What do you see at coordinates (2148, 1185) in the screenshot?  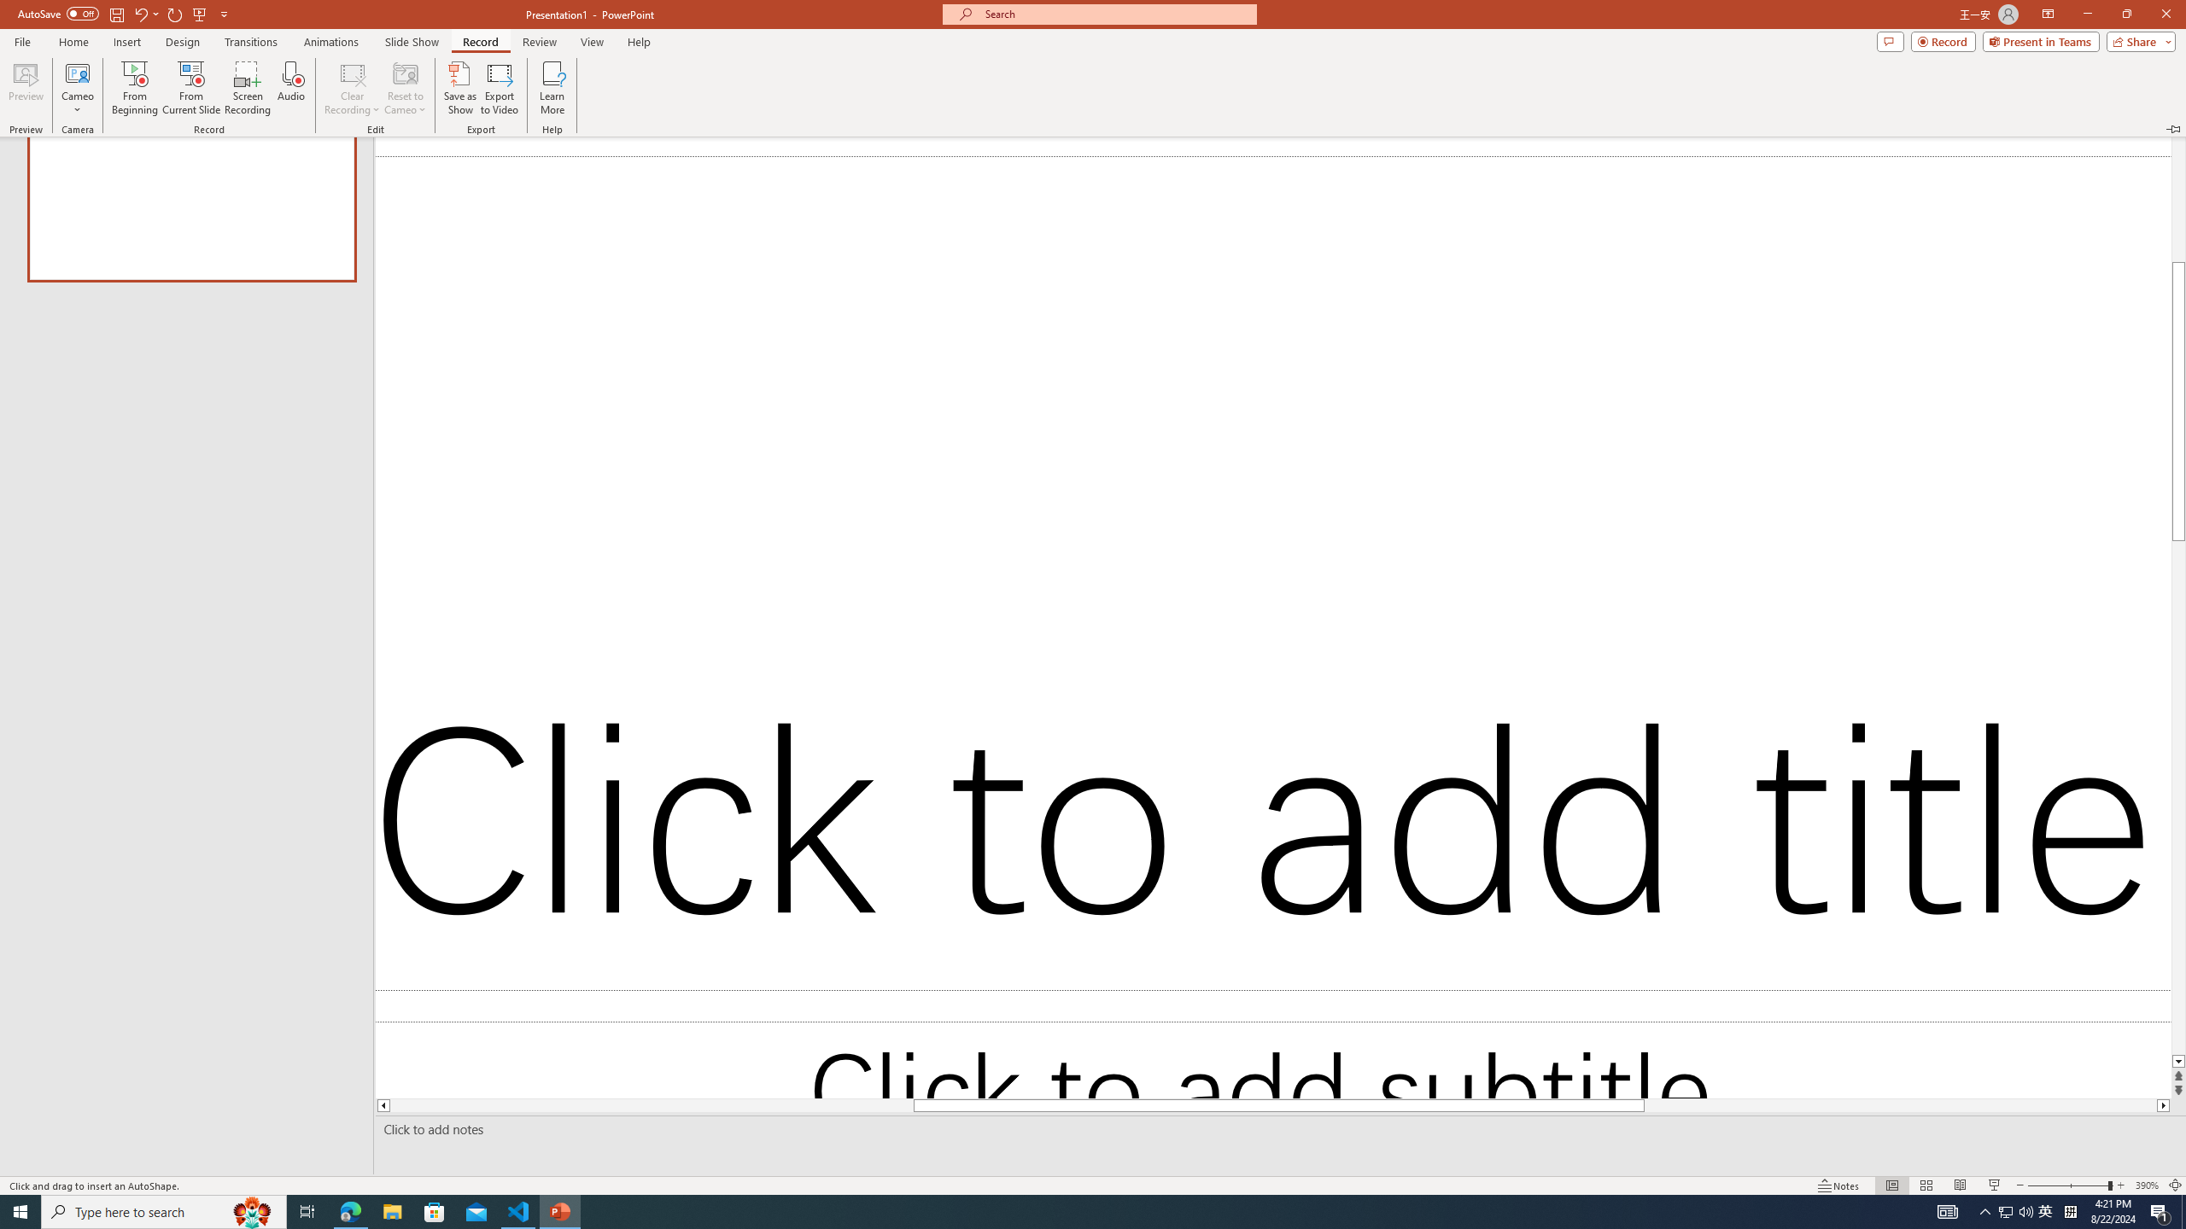 I see `'Zoom 390%'` at bounding box center [2148, 1185].